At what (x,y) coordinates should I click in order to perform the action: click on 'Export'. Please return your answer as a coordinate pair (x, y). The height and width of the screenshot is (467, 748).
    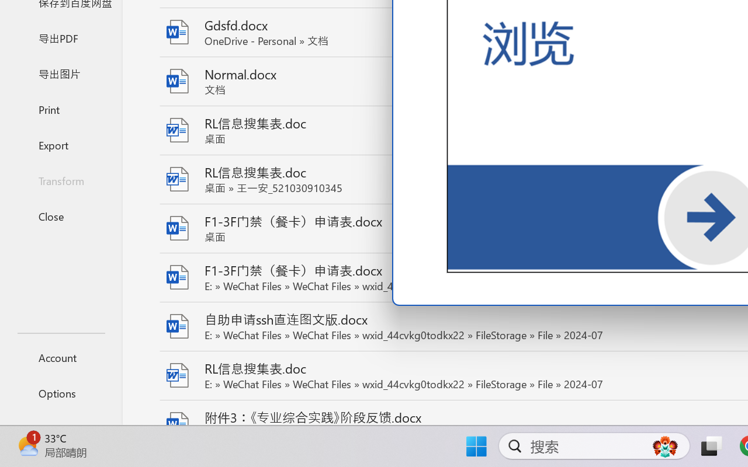
    Looking at the image, I should click on (60, 144).